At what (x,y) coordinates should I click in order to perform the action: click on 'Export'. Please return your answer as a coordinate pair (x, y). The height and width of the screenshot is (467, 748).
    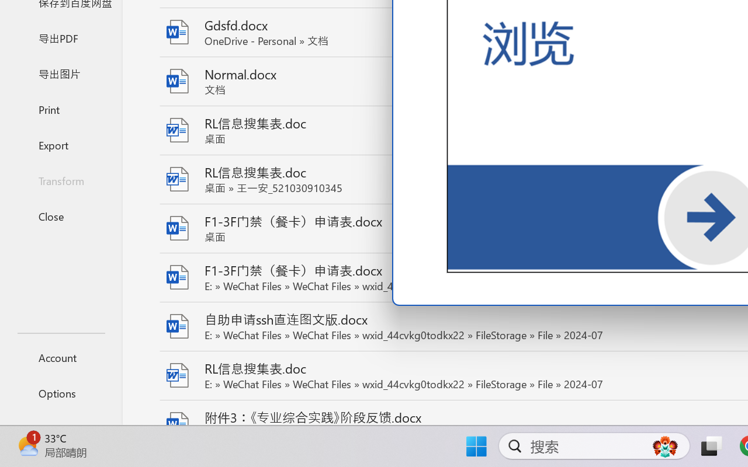
    Looking at the image, I should click on (60, 144).